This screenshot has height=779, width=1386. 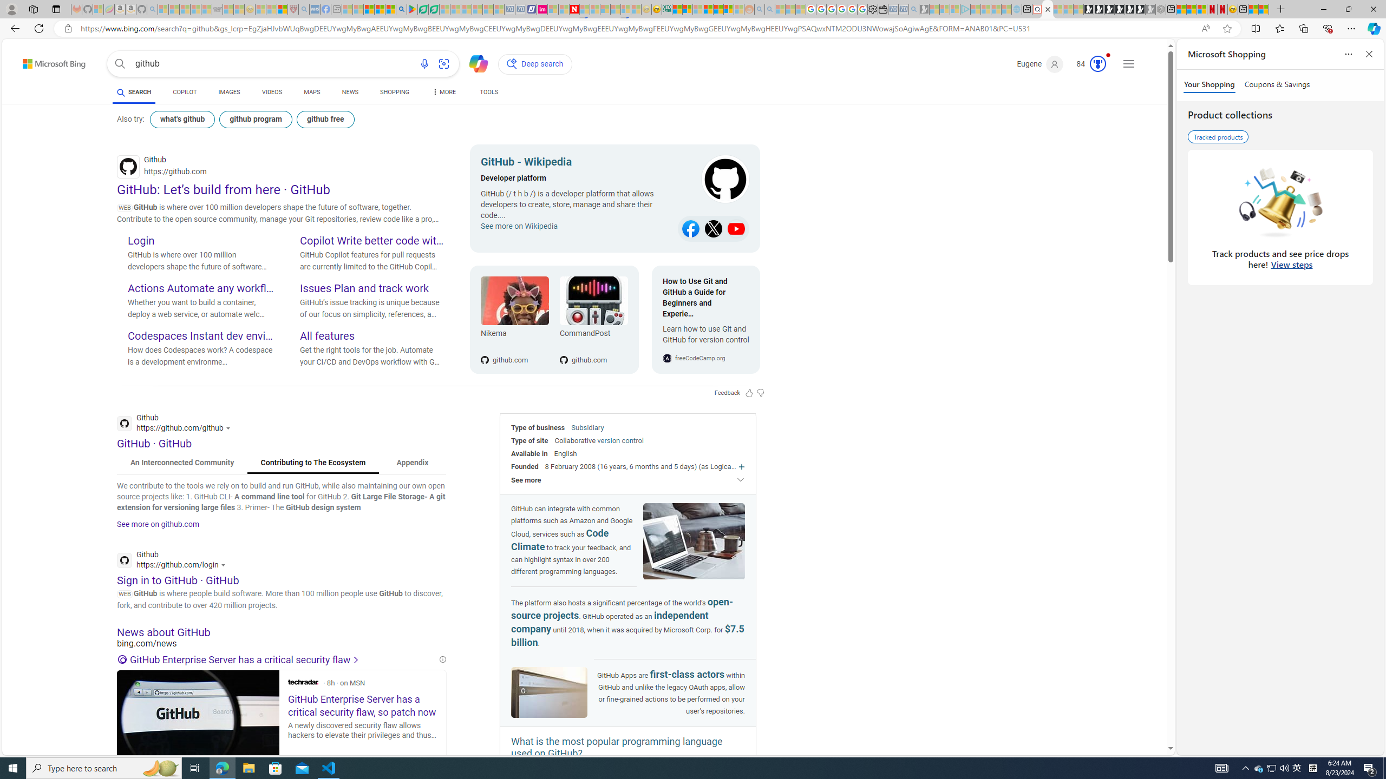 What do you see at coordinates (514, 334) in the screenshot?
I see `'Nikema'` at bounding box center [514, 334].